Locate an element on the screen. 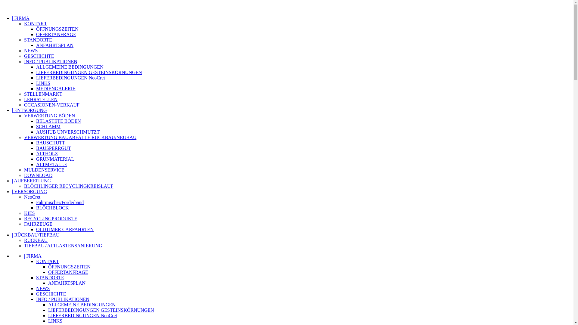  'INFO / PUBLIKATIONEN' is located at coordinates (51, 61).